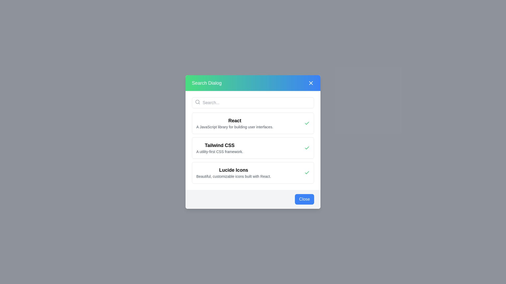 Image resolution: width=506 pixels, height=284 pixels. Describe the element at coordinates (307, 123) in the screenshot. I see `the checkmark icon representing the selection state of the 'Tailwind CSS' option in the 'Search Dialog' overlay` at that location.